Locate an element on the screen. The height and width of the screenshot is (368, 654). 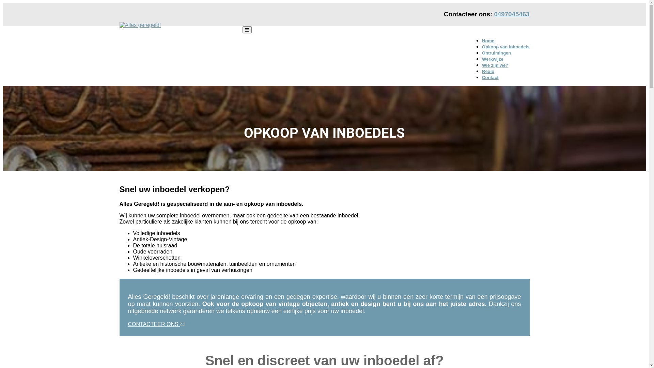
'CONTACTEER ONS' is located at coordinates (156, 324).